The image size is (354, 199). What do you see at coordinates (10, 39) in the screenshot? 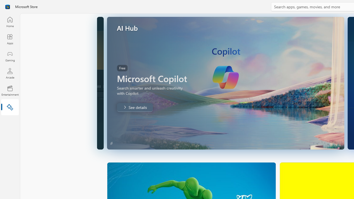
I see `'Apps'` at bounding box center [10, 39].